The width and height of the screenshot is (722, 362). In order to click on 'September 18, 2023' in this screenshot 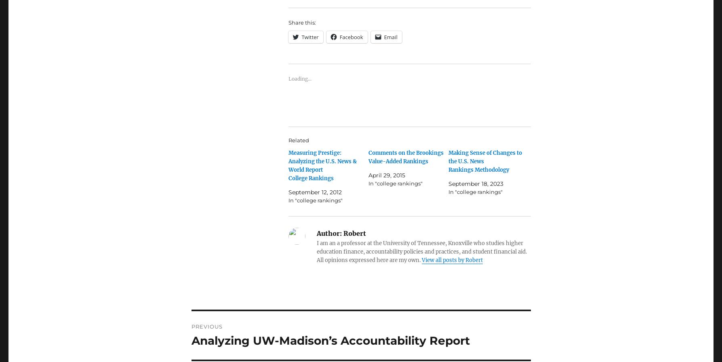, I will do `click(475, 183)`.